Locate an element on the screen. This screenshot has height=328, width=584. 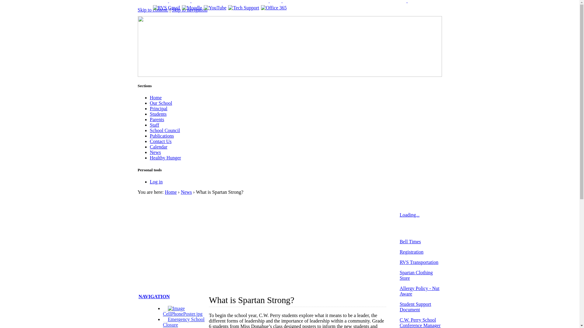
'Student Support Document' is located at coordinates (415, 307).